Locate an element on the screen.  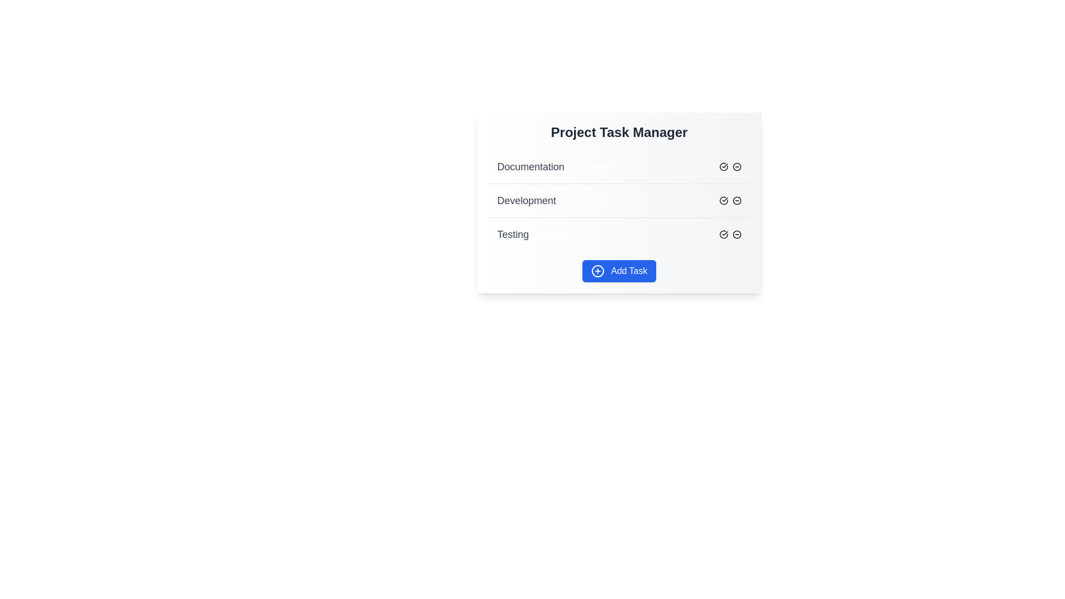
the blue 'Add Task' button located in the lower-right section of the interface is located at coordinates (597, 271).